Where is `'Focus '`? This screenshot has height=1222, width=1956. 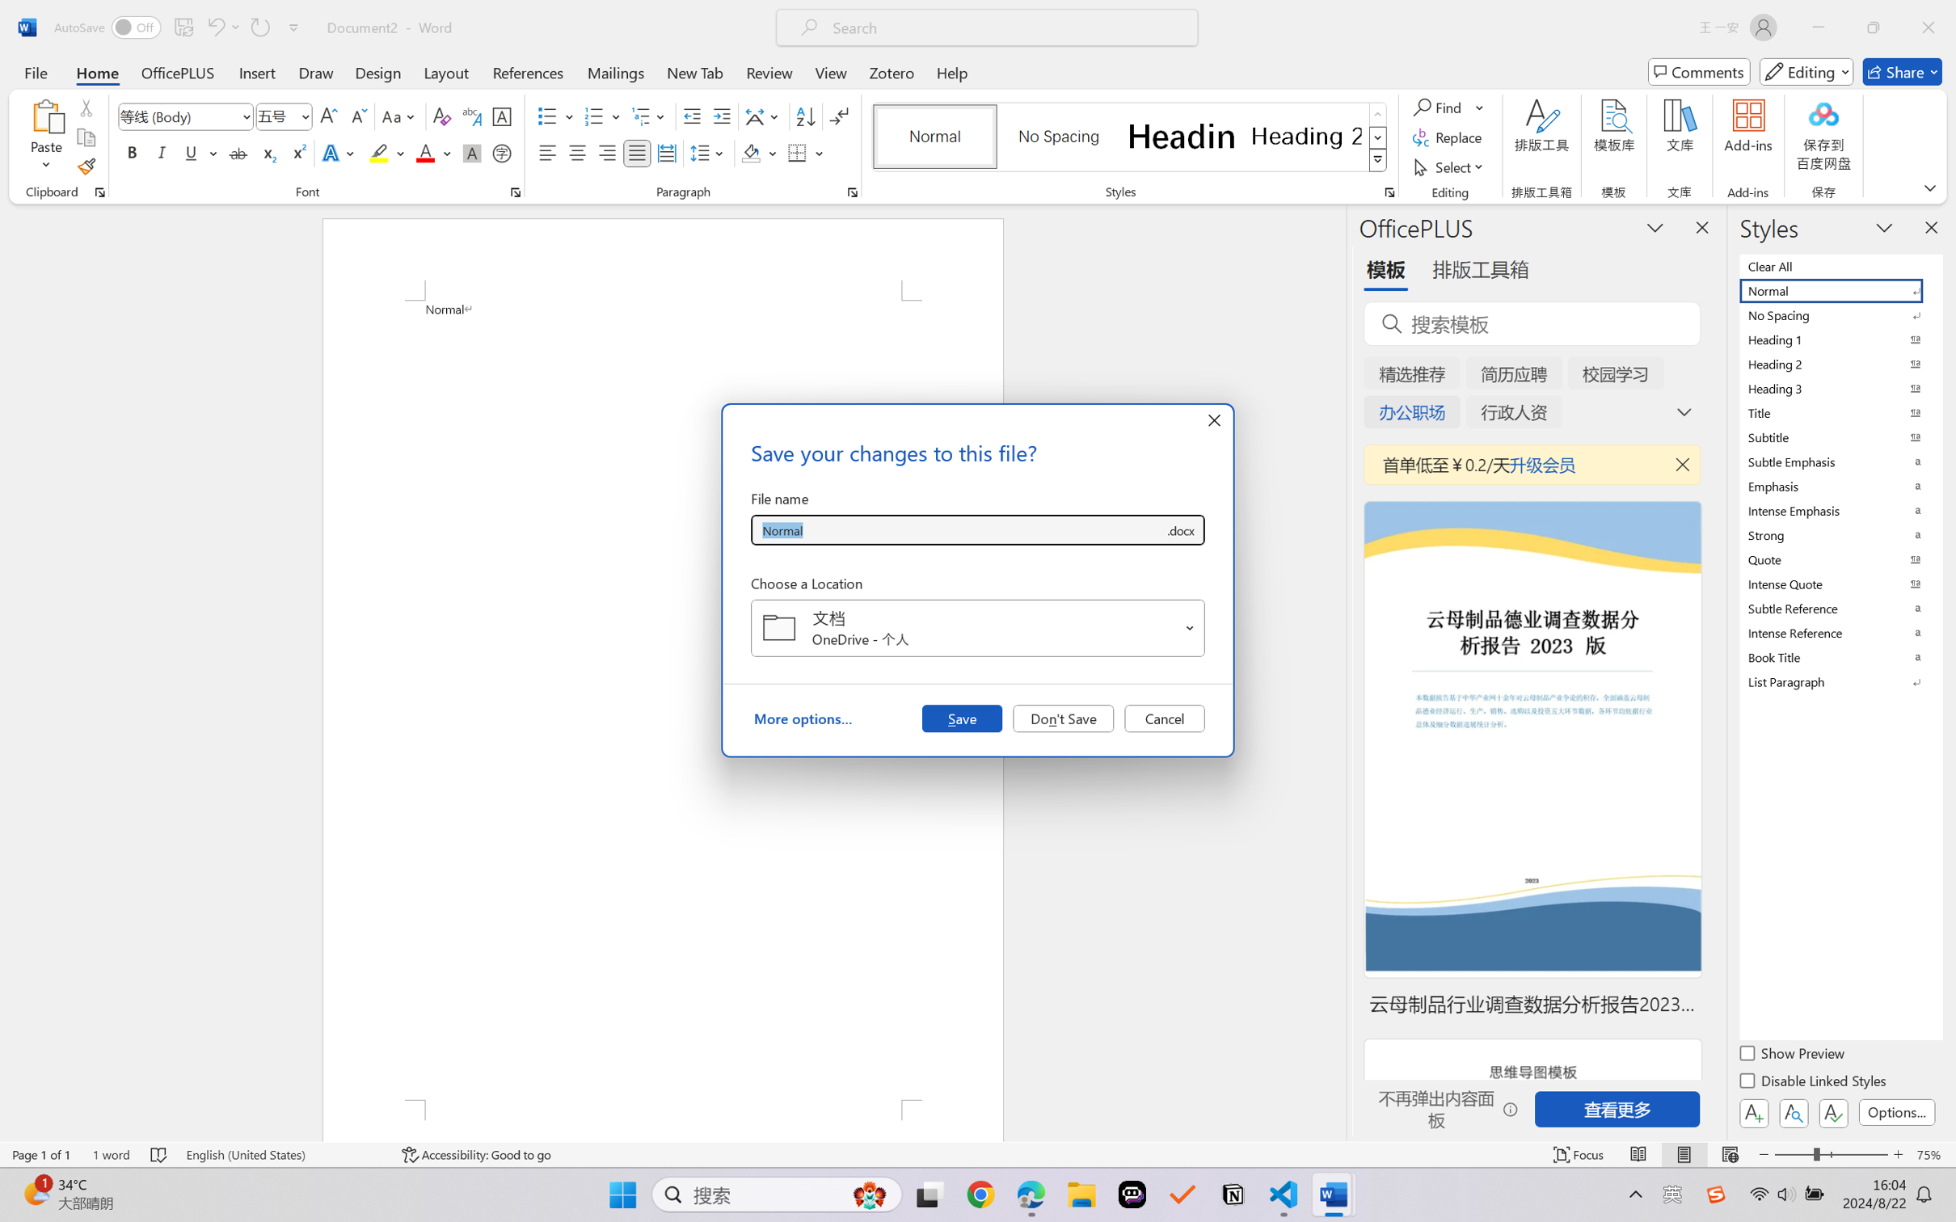
'Focus ' is located at coordinates (1579, 1154).